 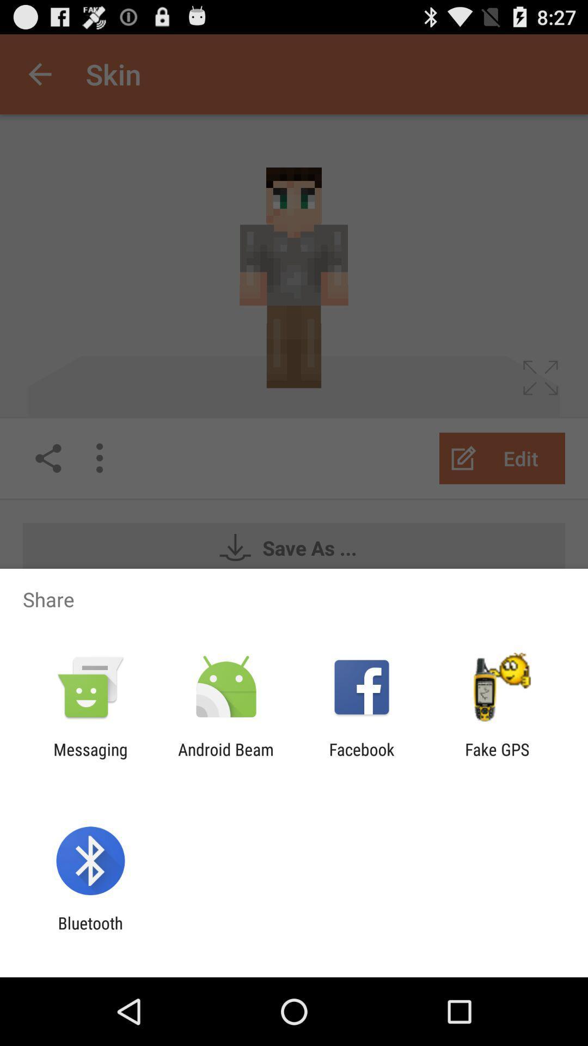 What do you see at coordinates (90, 758) in the screenshot?
I see `app to the left of android beam icon` at bounding box center [90, 758].